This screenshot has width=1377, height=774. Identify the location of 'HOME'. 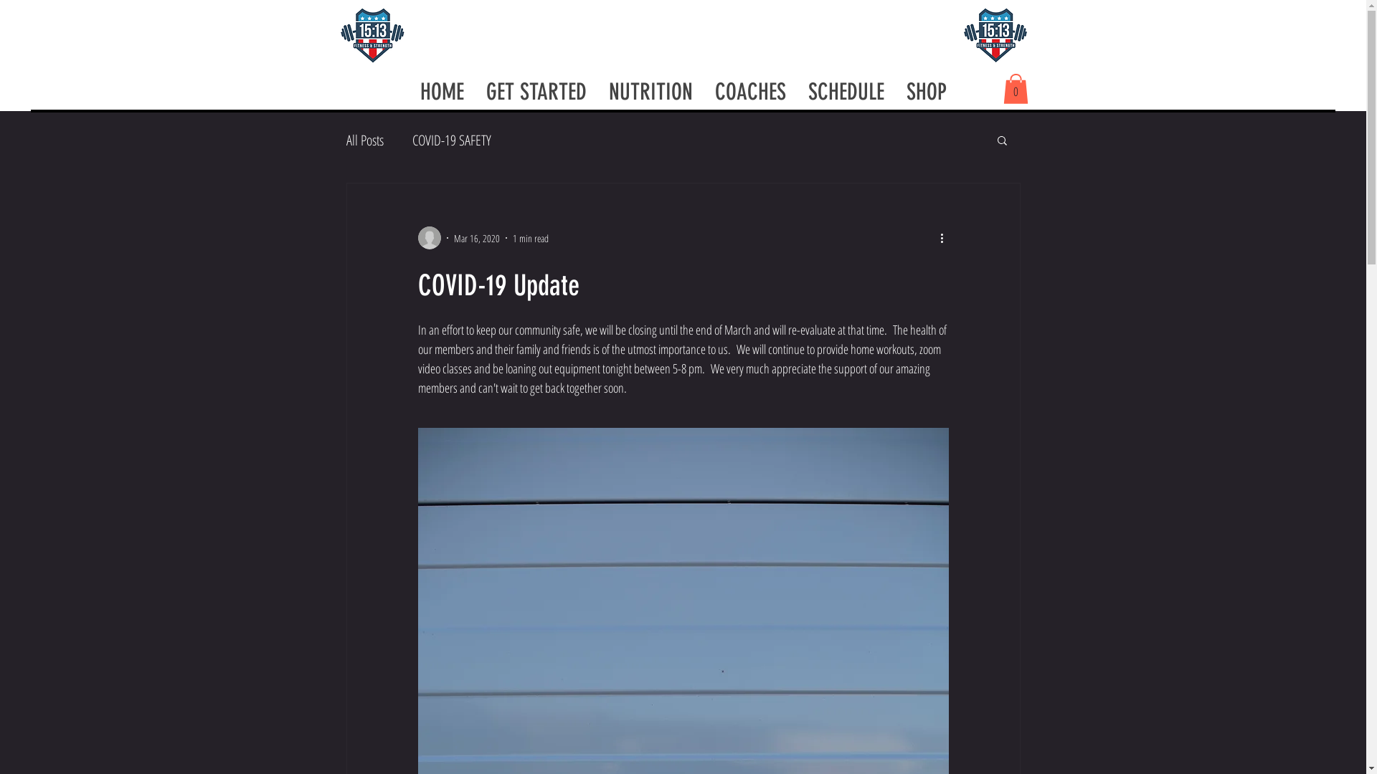
(440, 91).